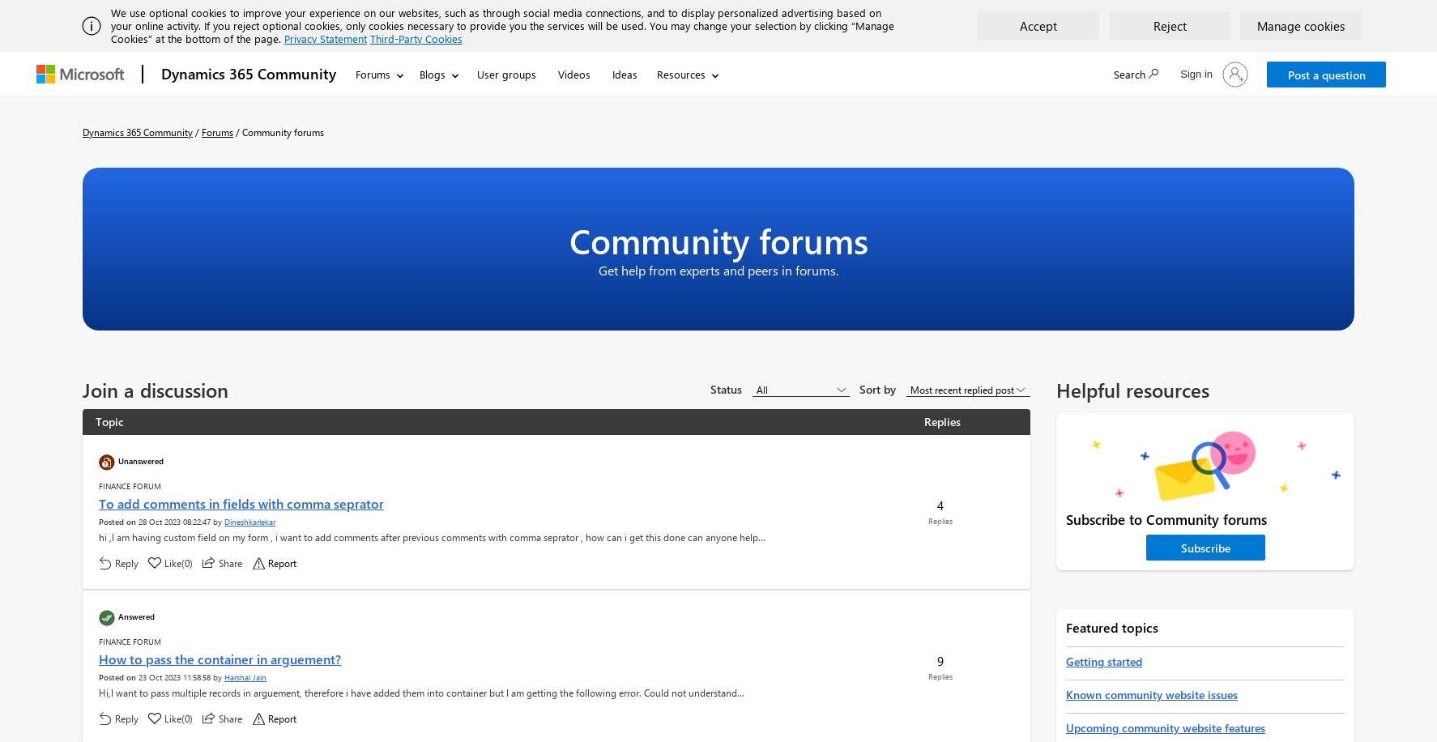 The height and width of the screenshot is (742, 1437). Describe the element at coordinates (173, 677) in the screenshot. I see `'23 Oct 2023 11:58:58'` at that location.